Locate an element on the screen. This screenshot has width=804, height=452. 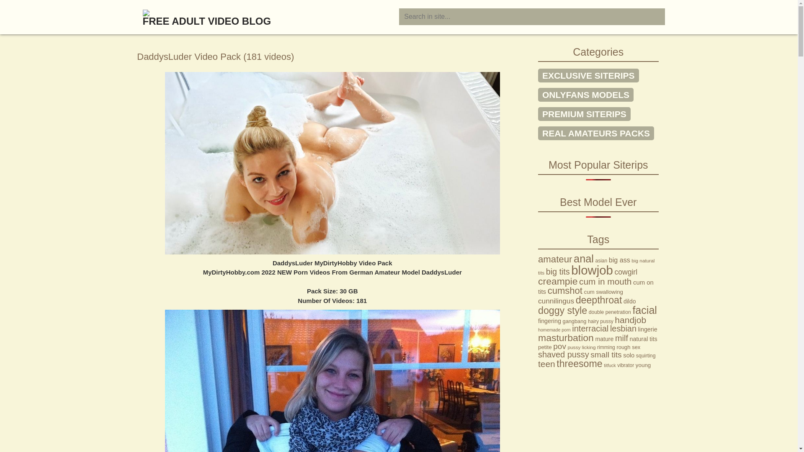
'anal' is located at coordinates (583, 258).